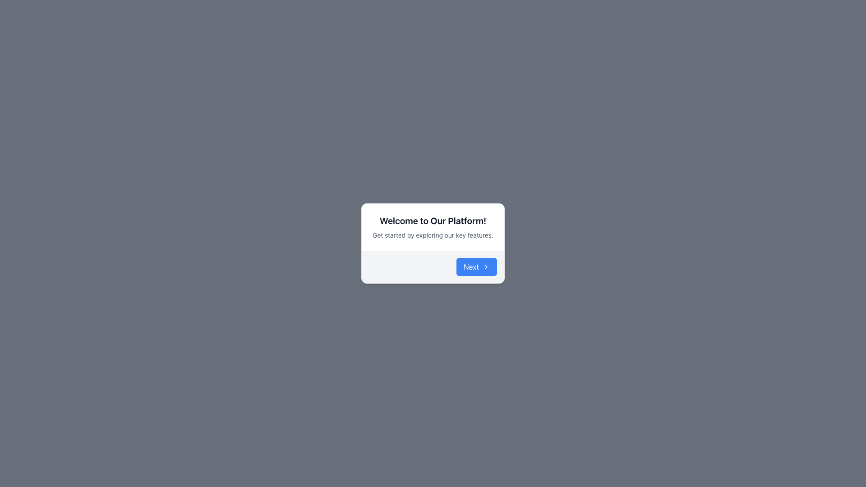 The width and height of the screenshot is (866, 487). What do you see at coordinates (485, 266) in the screenshot?
I see `the chevron arrow icon located on the right side of the 'Next' button, which indicates a forward action or navigation` at bounding box center [485, 266].